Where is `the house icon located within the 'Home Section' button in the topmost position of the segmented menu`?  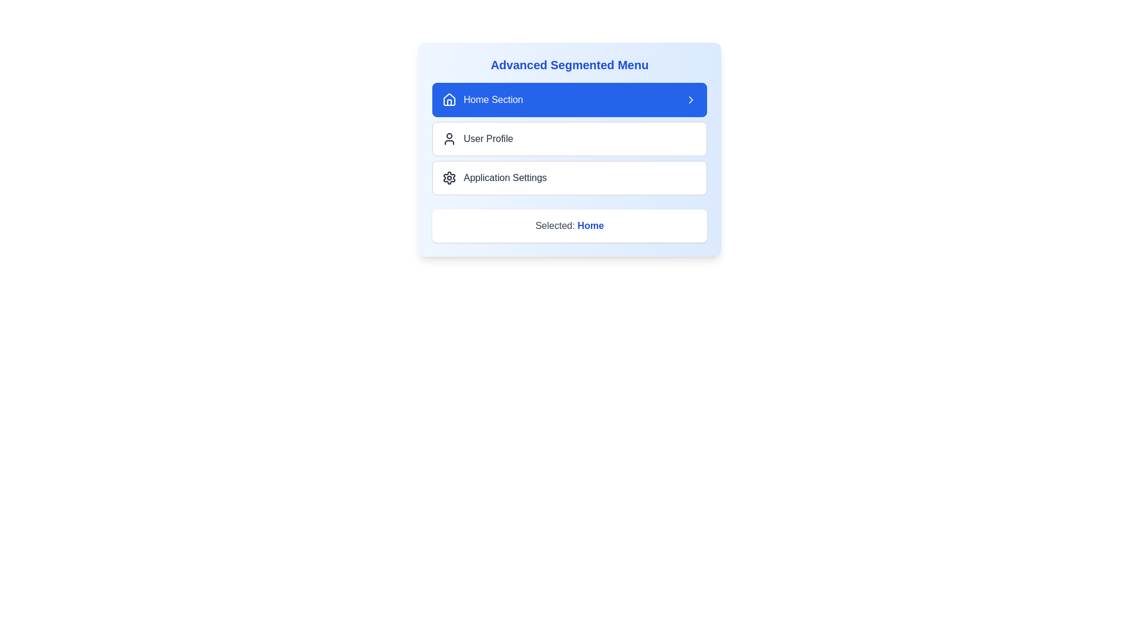
the house icon located within the 'Home Section' button in the topmost position of the segmented menu is located at coordinates (448, 99).